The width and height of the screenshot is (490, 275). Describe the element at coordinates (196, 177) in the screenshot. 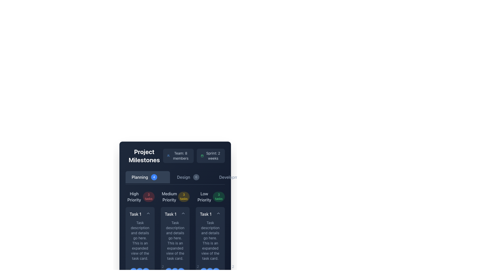

I see `the Badge element that represents a count or status indicator associated with the 'Design' label in the user interface` at that location.